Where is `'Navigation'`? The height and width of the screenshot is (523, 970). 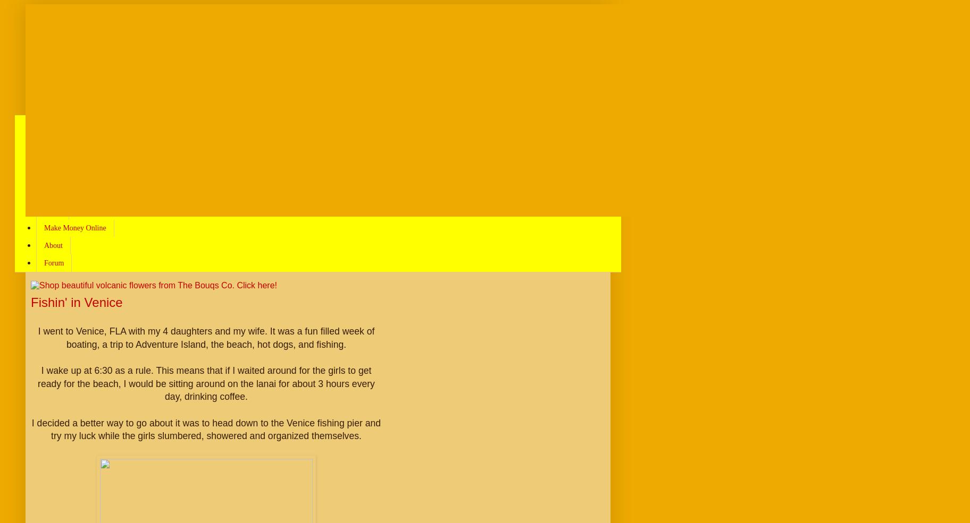
'Navigation' is located at coordinates (60, 140).